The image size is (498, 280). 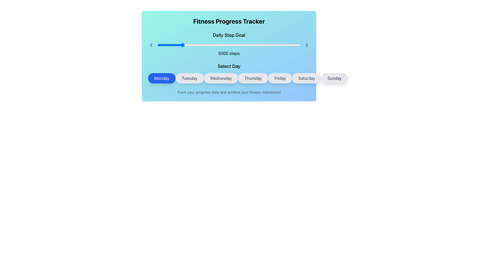 What do you see at coordinates (299, 45) in the screenshot?
I see `the daily step goal slider` at bounding box center [299, 45].